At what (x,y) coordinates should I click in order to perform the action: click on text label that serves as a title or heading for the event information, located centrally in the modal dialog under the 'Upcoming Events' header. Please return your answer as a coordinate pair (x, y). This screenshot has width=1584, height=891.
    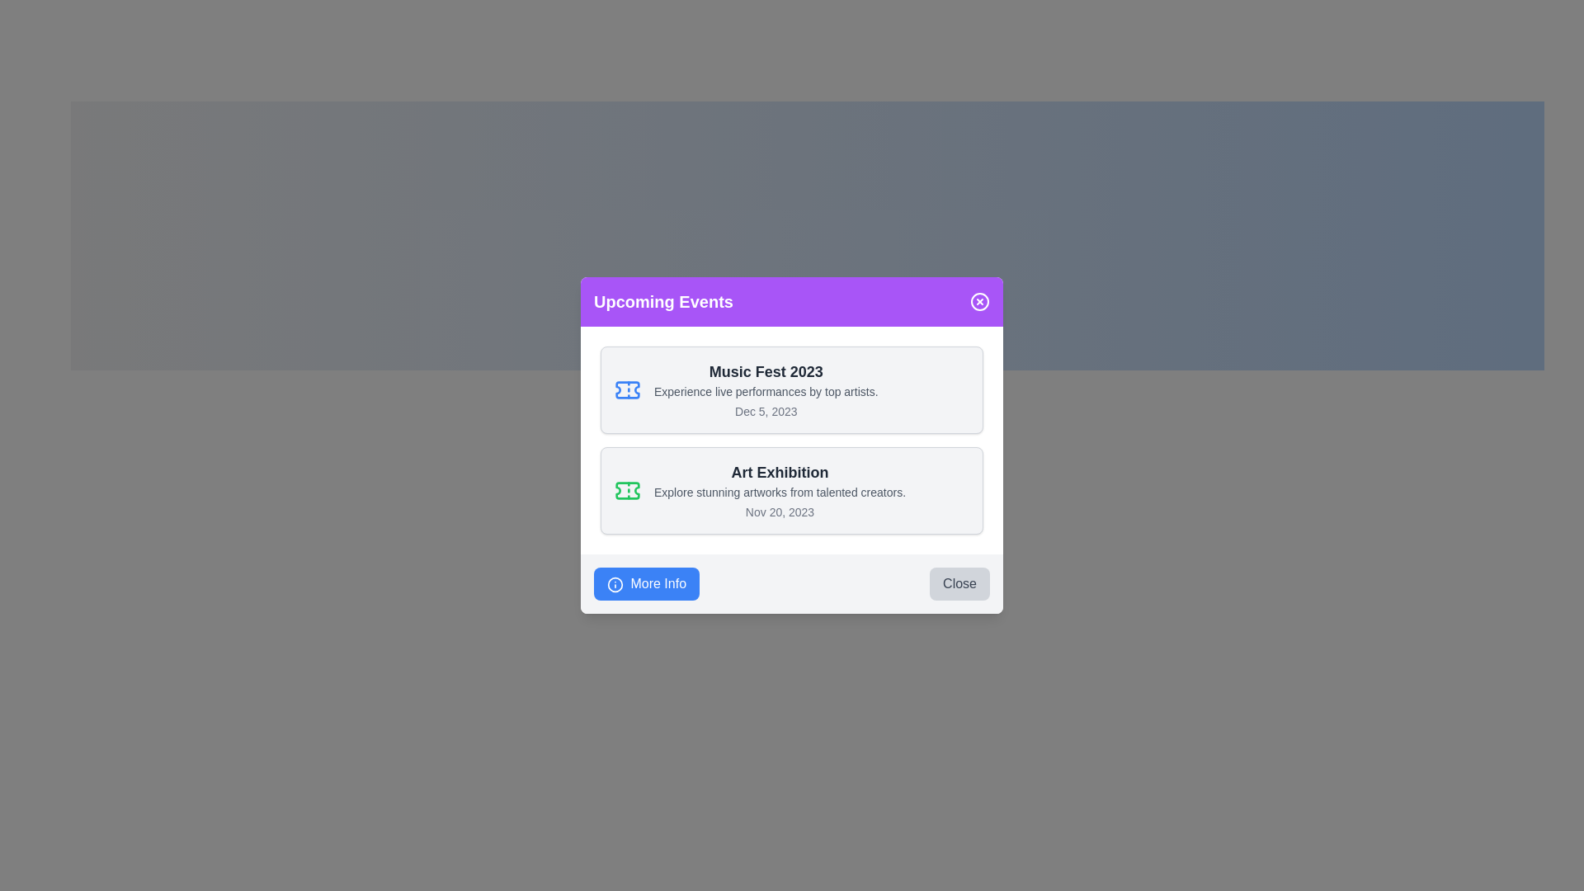
    Looking at the image, I should click on (779, 473).